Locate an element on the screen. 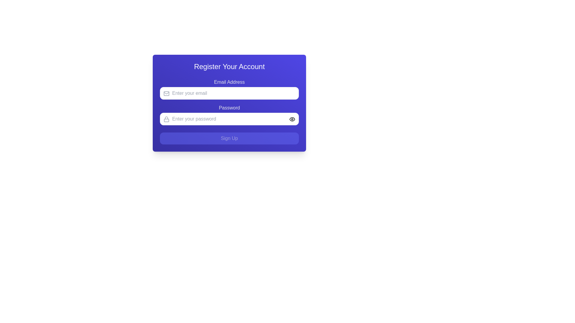 The width and height of the screenshot is (575, 323). the 'Email Address' text label, which is styled in light gray on a purple background and positioned at the top of the form section above the email input field is located at coordinates (229, 82).